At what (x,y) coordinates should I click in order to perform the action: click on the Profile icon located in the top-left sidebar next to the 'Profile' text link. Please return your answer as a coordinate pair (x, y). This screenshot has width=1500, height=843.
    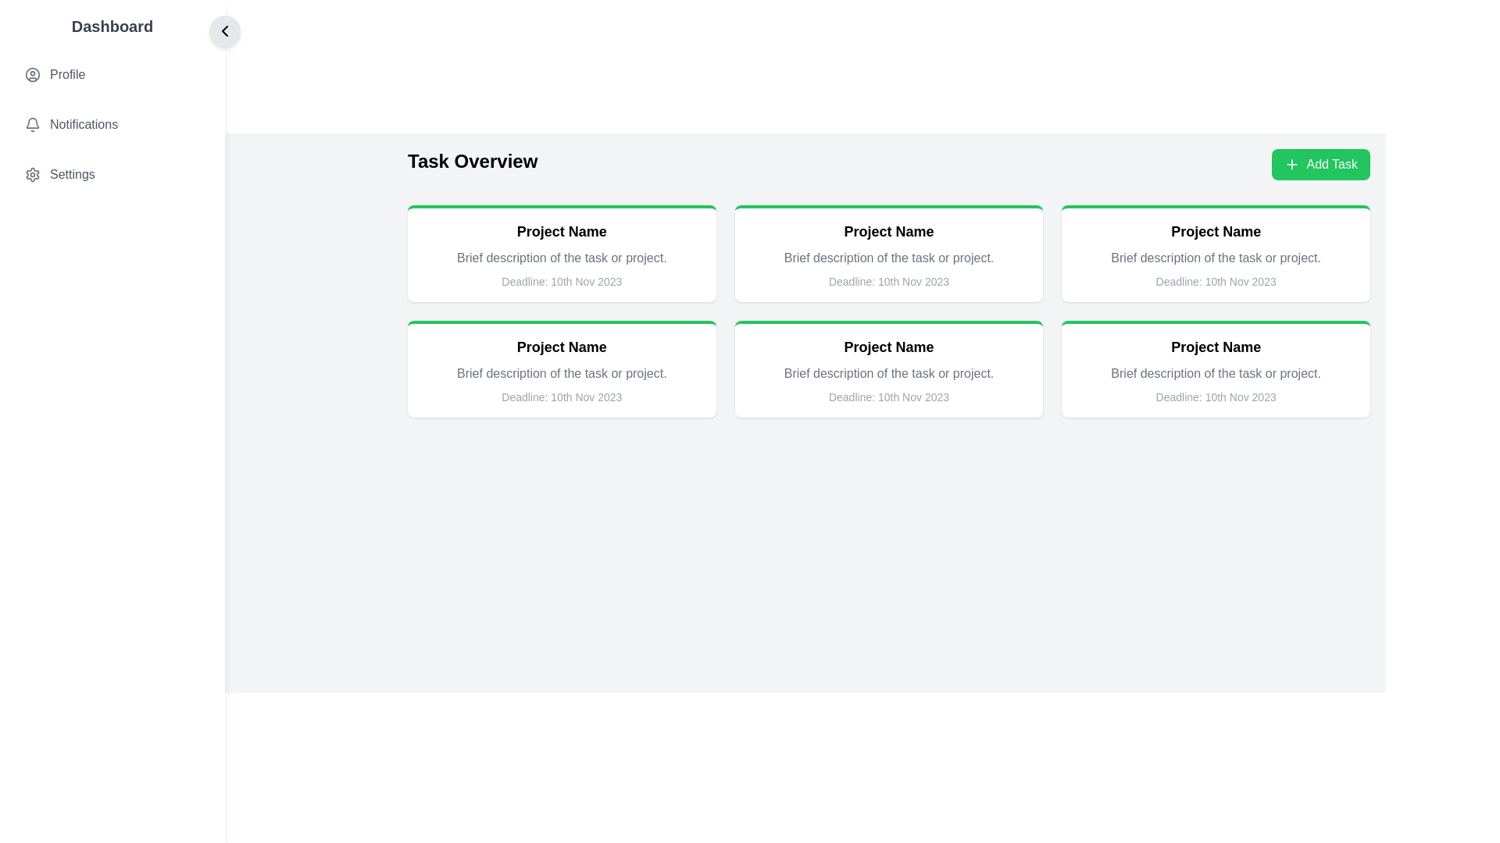
    Looking at the image, I should click on (33, 75).